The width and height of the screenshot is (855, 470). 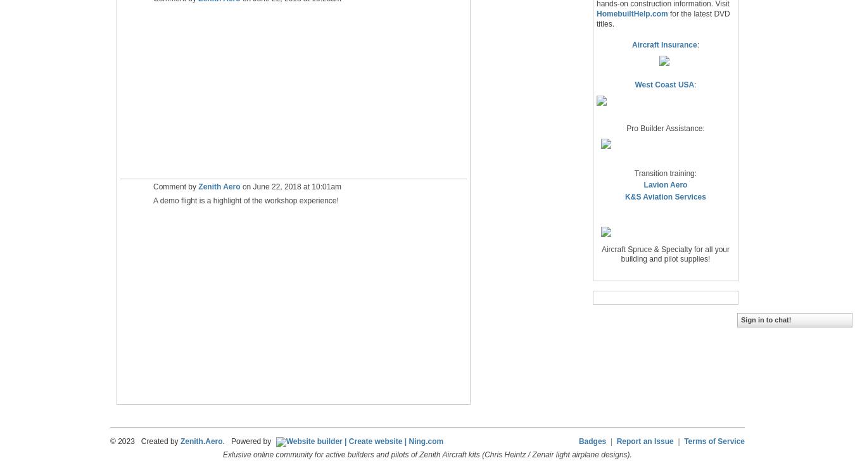 I want to click on 'Aircraft Insurance', so click(x=630, y=44).